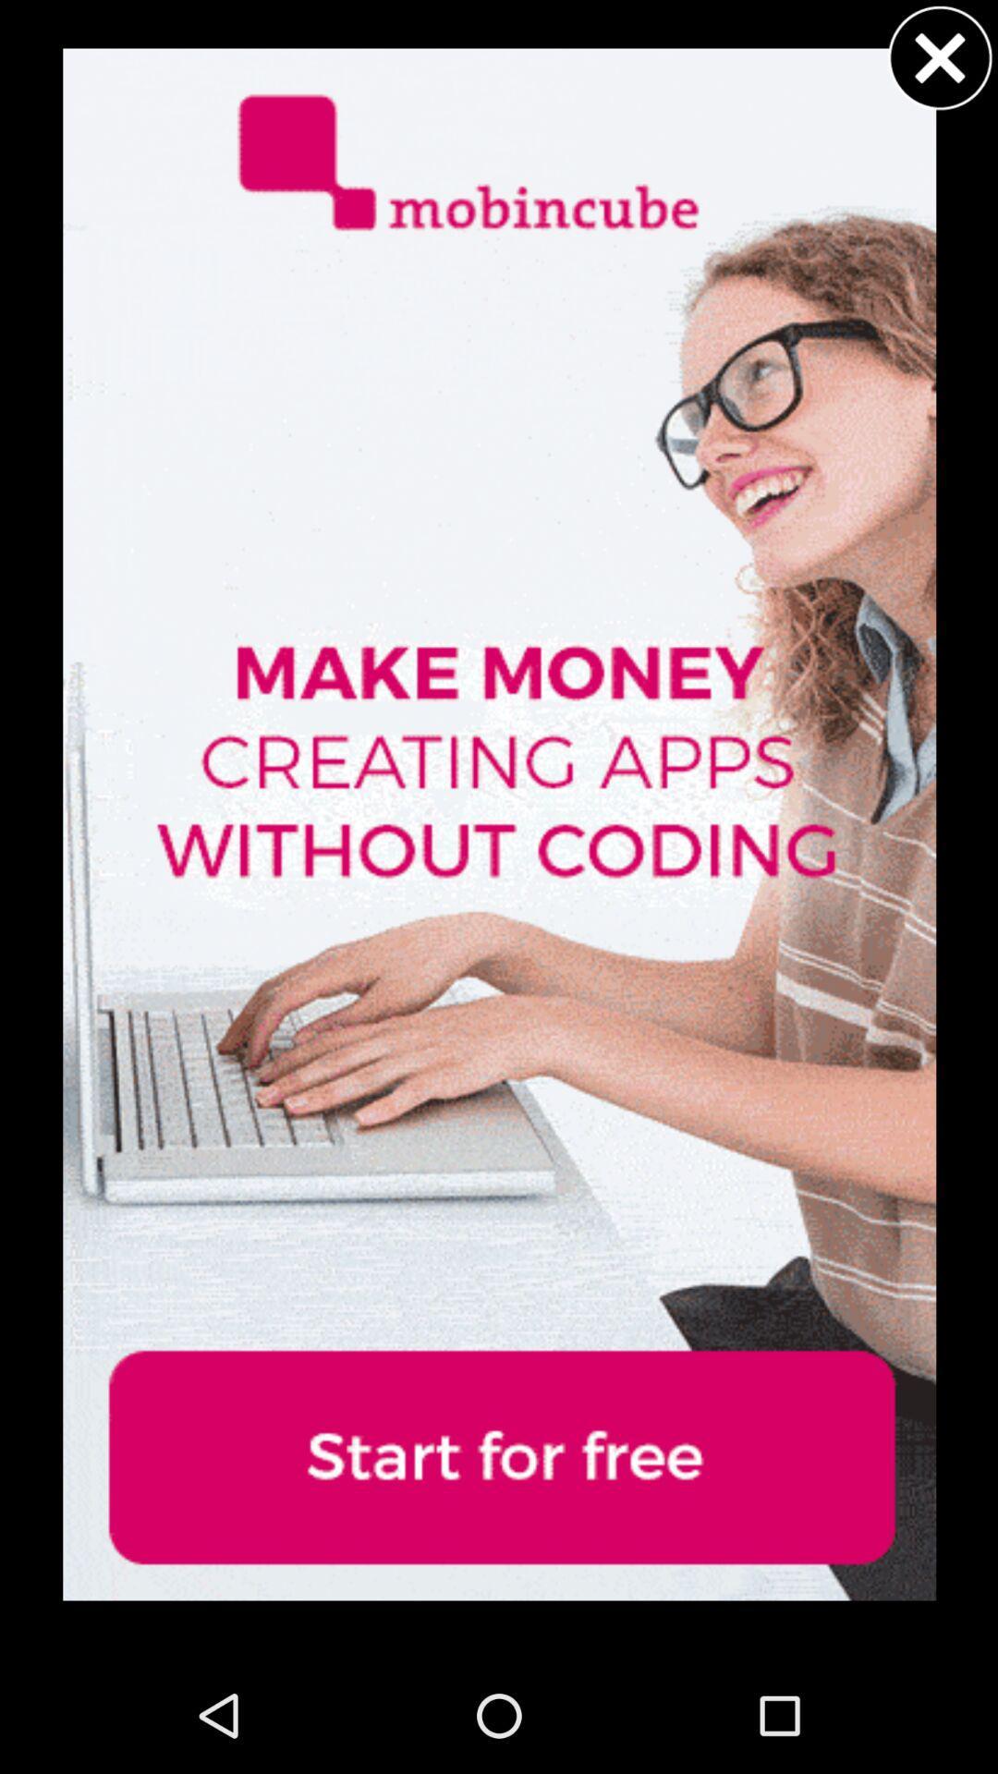 The width and height of the screenshot is (998, 1774). Describe the element at coordinates (940, 62) in the screenshot. I see `the close icon` at that location.